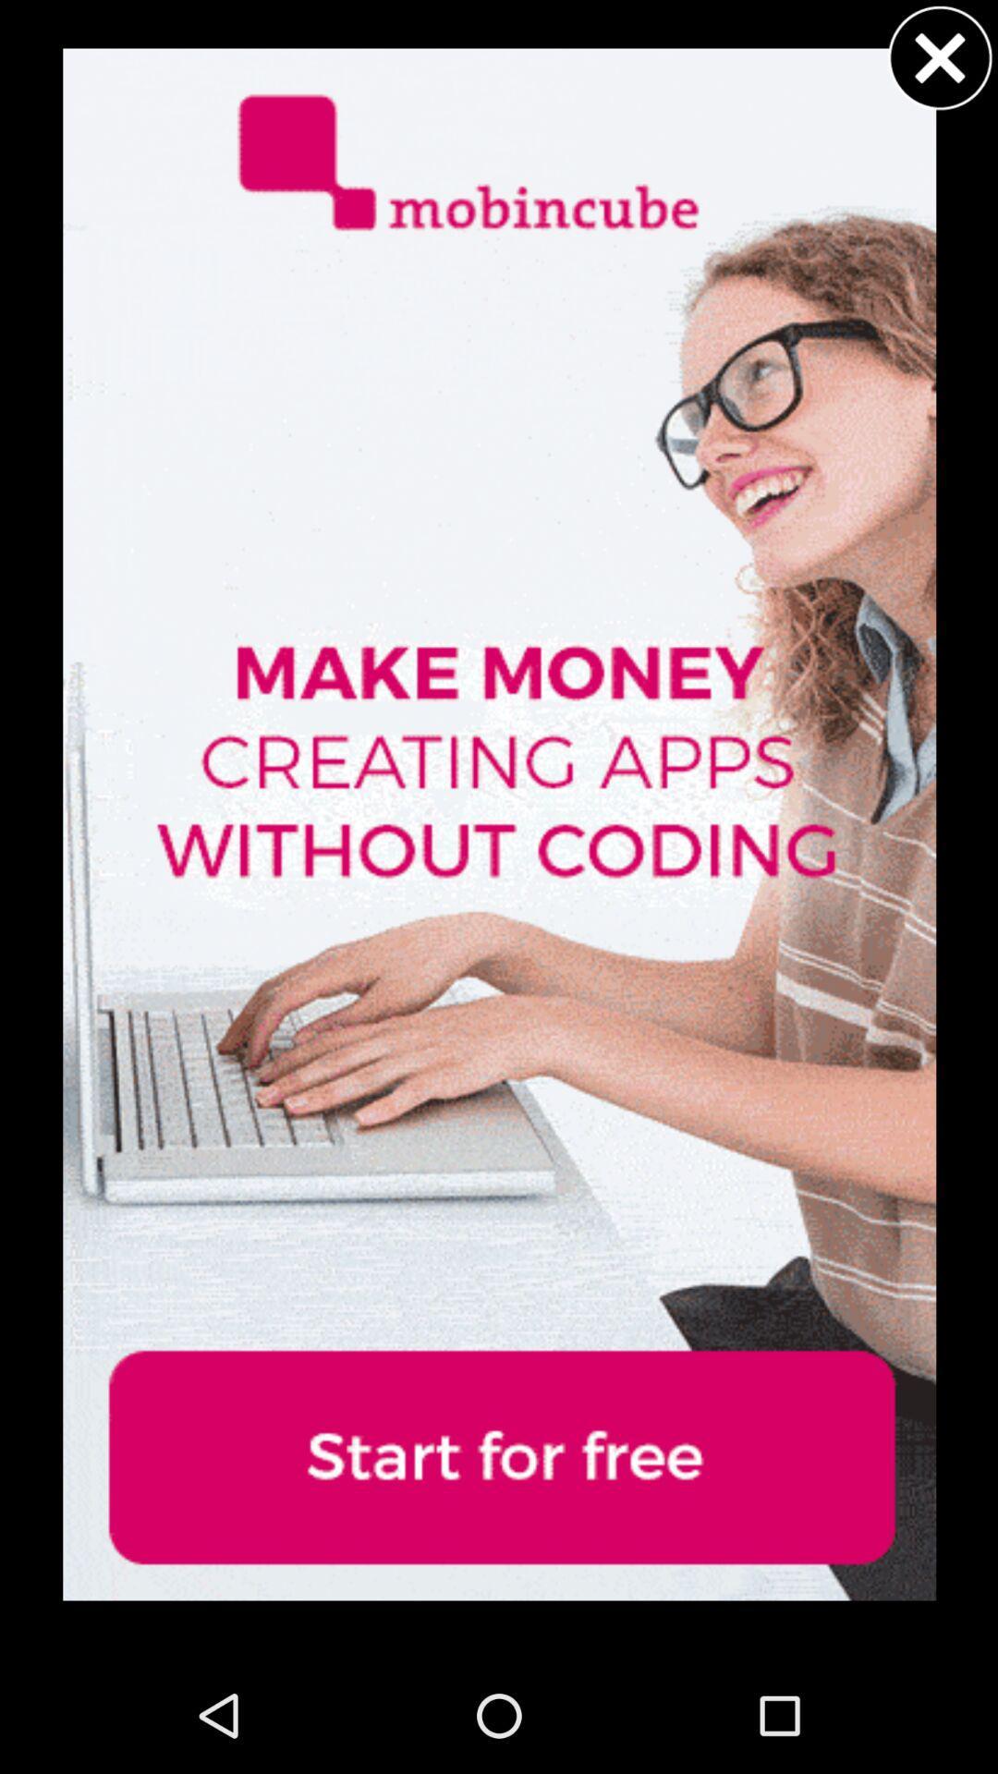 The width and height of the screenshot is (998, 1774). Describe the element at coordinates (940, 62) in the screenshot. I see `the close icon` at that location.